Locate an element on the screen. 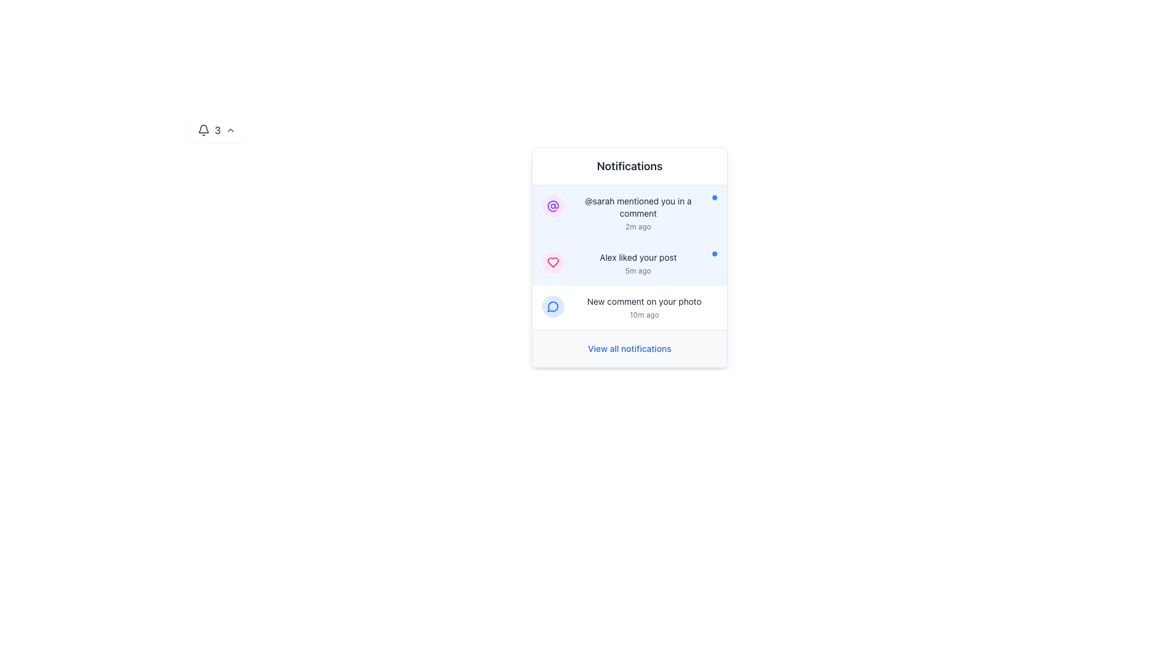 Image resolution: width=1175 pixels, height=661 pixels. the third notification item with a blue speech bubble icon and text 'New comment on your photo' is located at coordinates (629, 307).